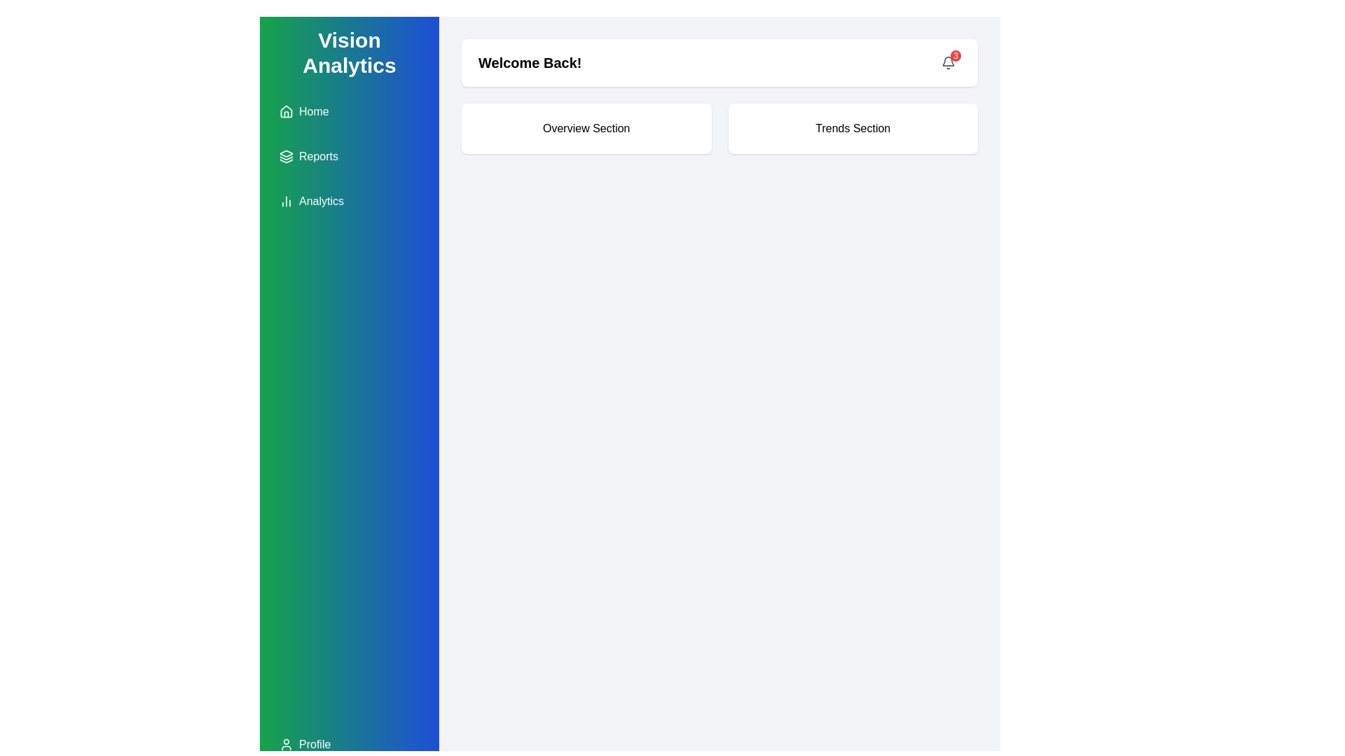  I want to click on the 'Home' icon located in the top section of the vertical menu on the left sidebar, so click(285, 111).